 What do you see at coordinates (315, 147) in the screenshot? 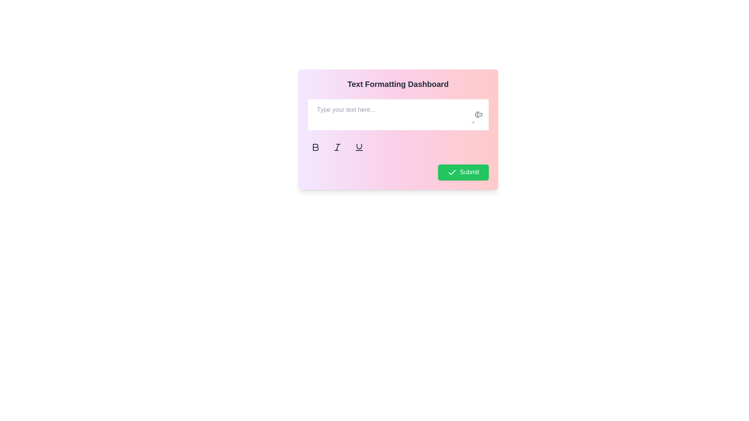
I see `the bold-style button represented by the letter 'B'` at bounding box center [315, 147].